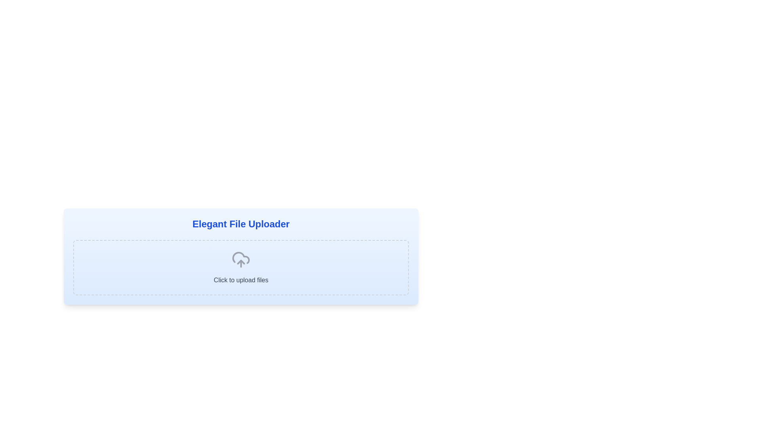 The image size is (760, 427). I want to click on the cloud-shaped icon with an upward-pointing arrow, located at the center of the dashed rectangular area labeled 'Click to upload files', so click(241, 259).